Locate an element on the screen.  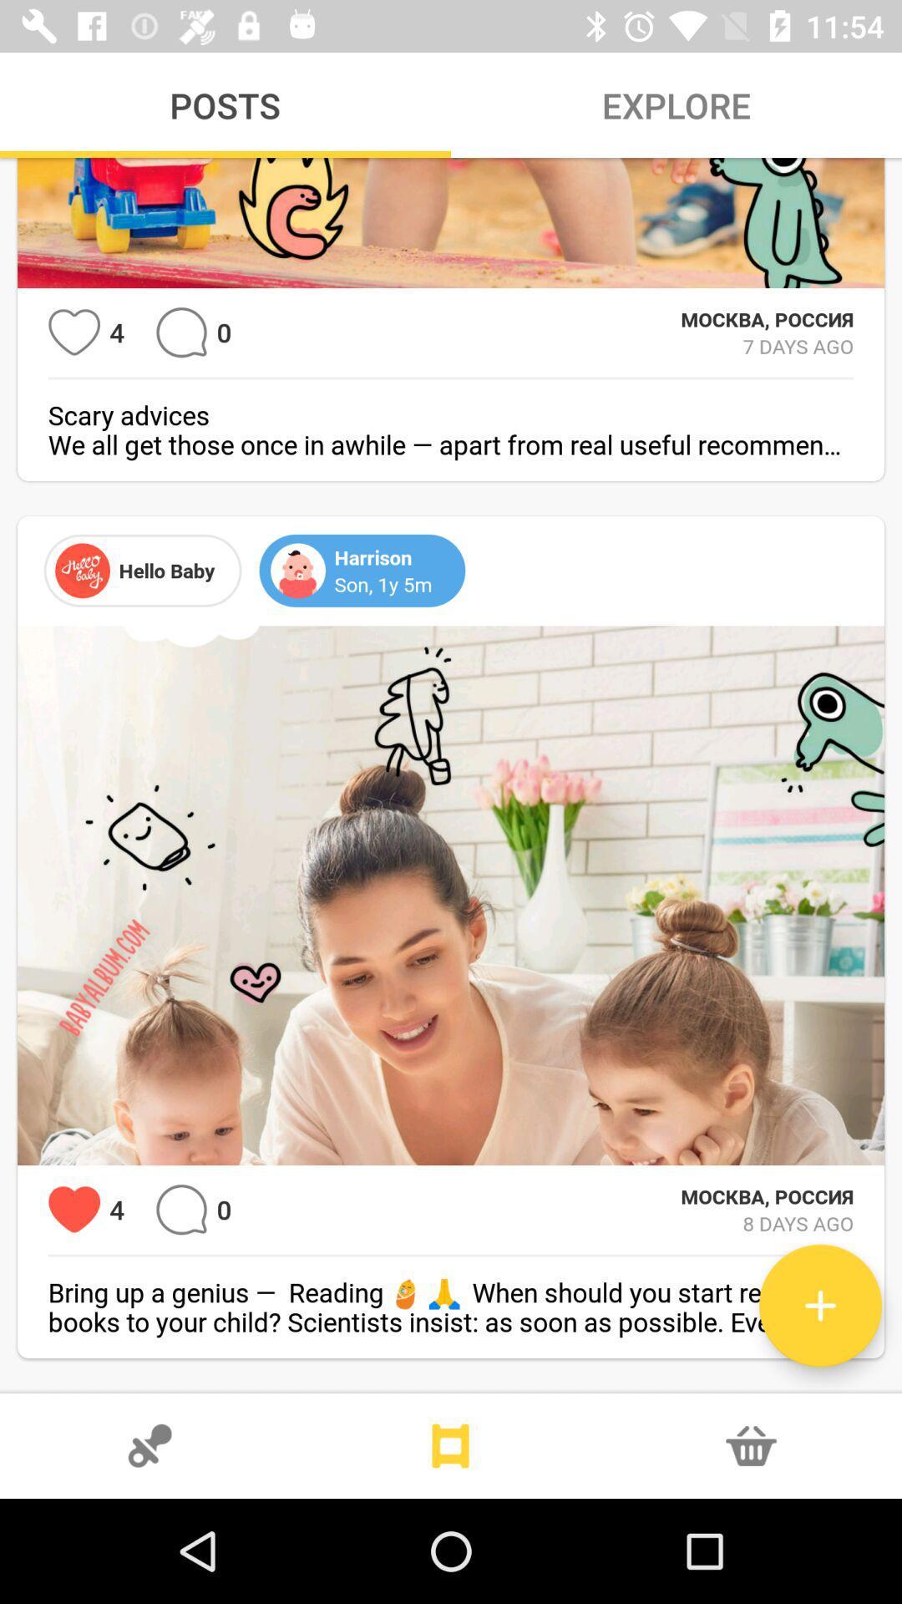
etc is located at coordinates (181, 332).